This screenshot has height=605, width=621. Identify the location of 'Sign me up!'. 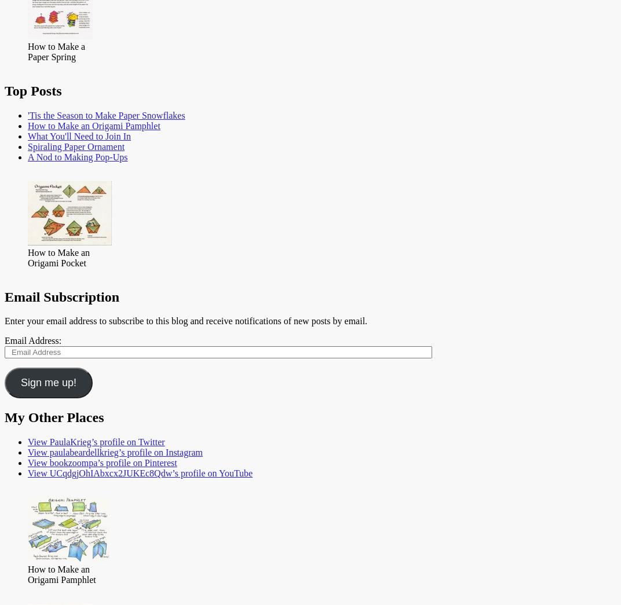
(48, 382).